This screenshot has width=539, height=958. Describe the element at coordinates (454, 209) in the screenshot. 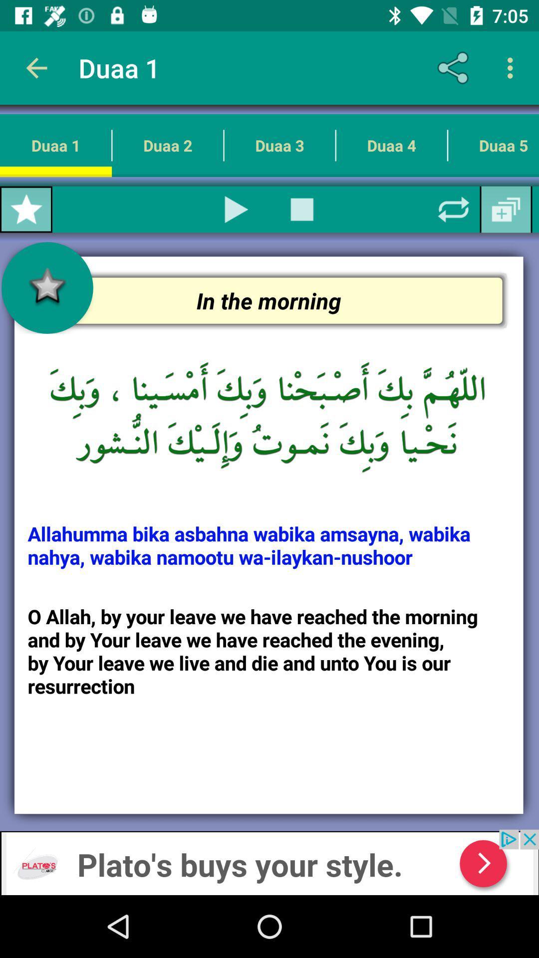

I see `refresh items` at that location.